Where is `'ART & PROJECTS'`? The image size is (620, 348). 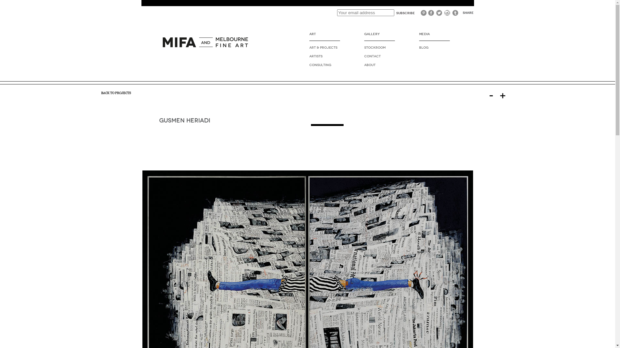
'ART & PROJECTS' is located at coordinates (325, 47).